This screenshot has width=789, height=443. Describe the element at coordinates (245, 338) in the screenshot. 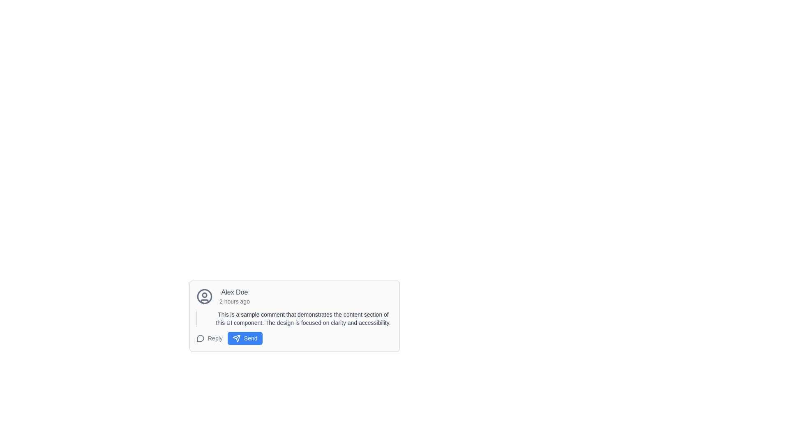

I see `the send button located below the comment box, which is the second button in the row of interactive elements` at that location.